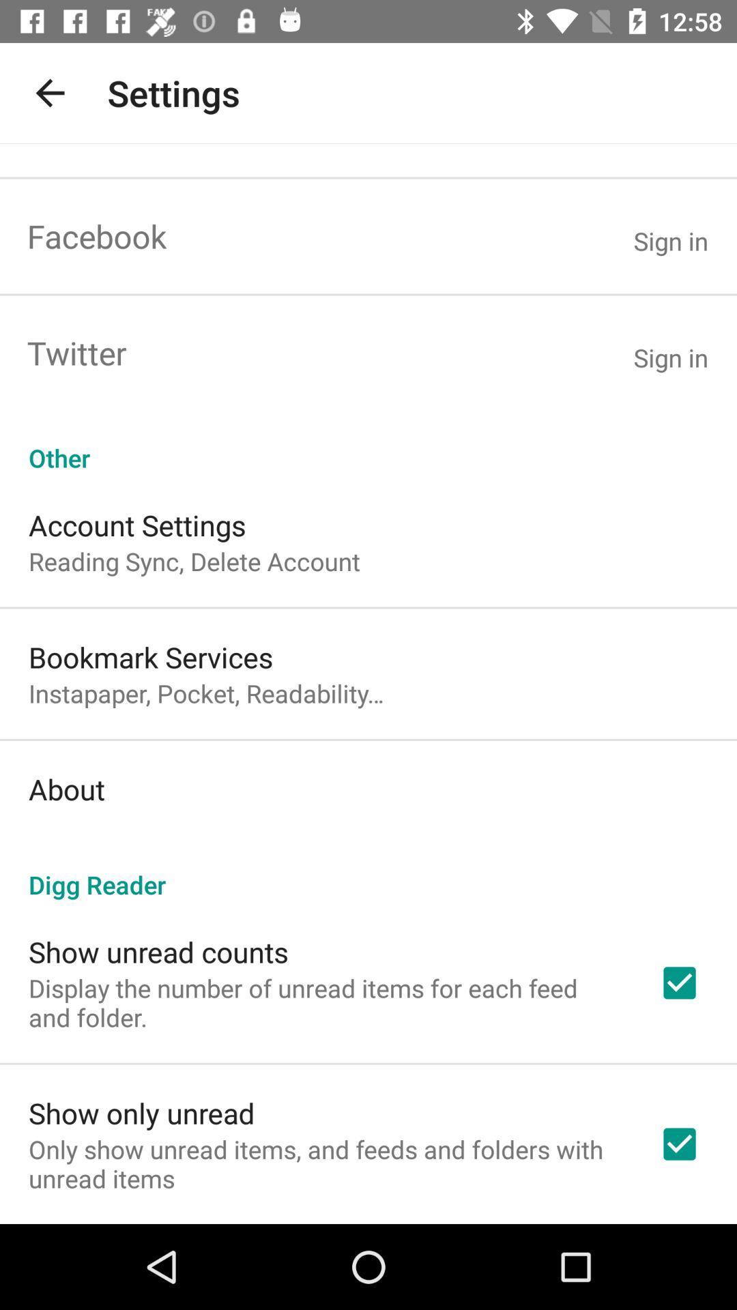  What do you see at coordinates (151, 657) in the screenshot?
I see `the icon below reading sync delete icon` at bounding box center [151, 657].